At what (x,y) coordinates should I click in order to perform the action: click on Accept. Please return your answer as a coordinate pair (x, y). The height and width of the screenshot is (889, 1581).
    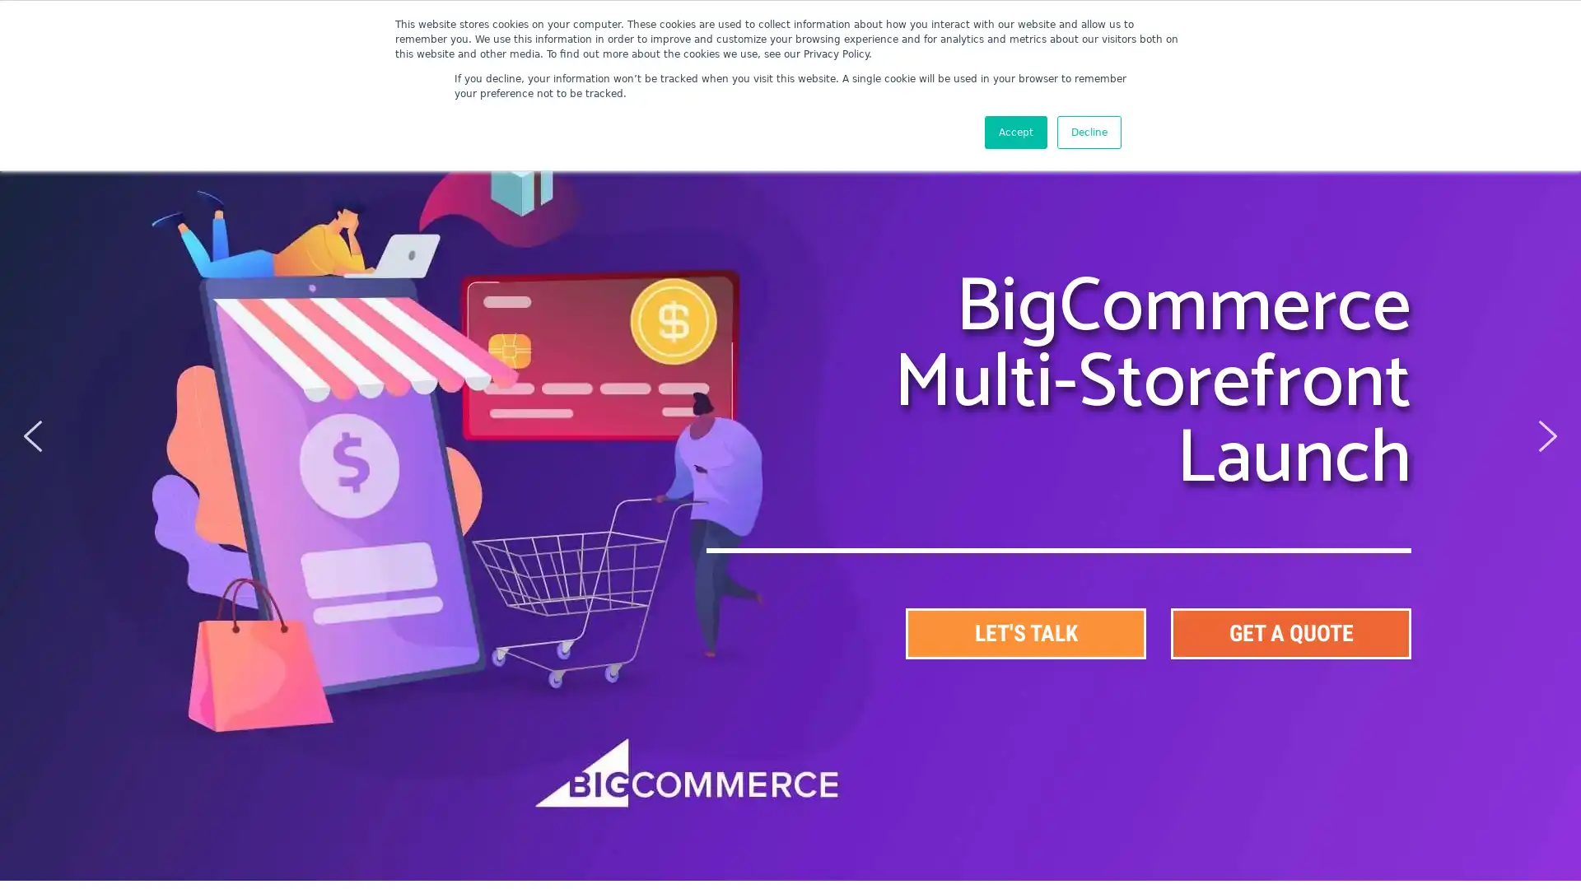
    Looking at the image, I should click on (1014, 132).